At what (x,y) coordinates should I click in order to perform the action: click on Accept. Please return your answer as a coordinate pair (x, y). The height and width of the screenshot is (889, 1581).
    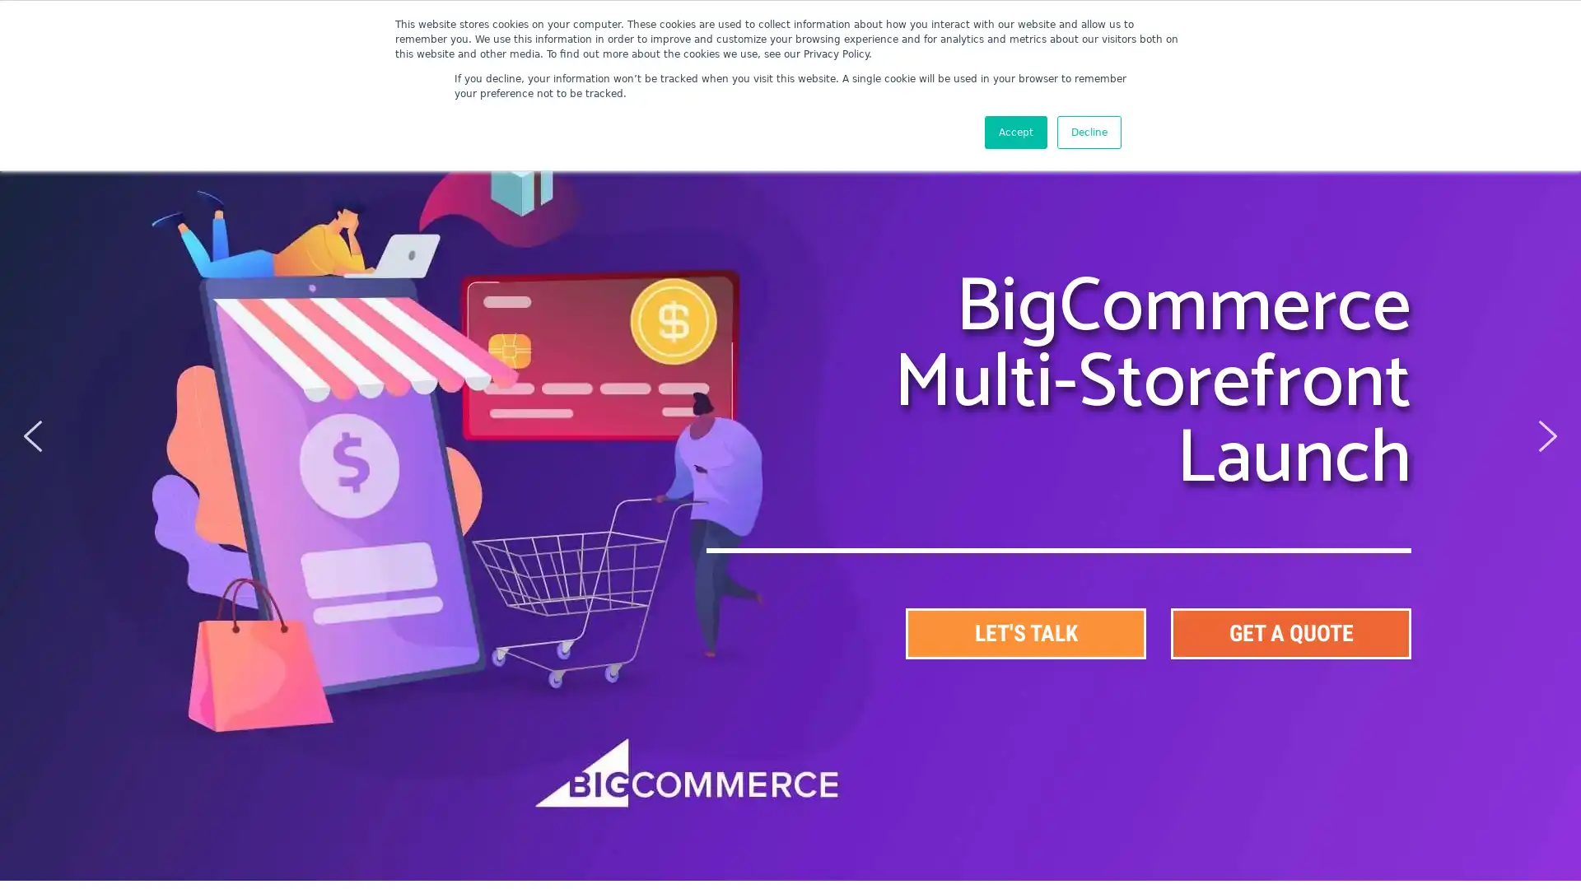
    Looking at the image, I should click on (1014, 132).